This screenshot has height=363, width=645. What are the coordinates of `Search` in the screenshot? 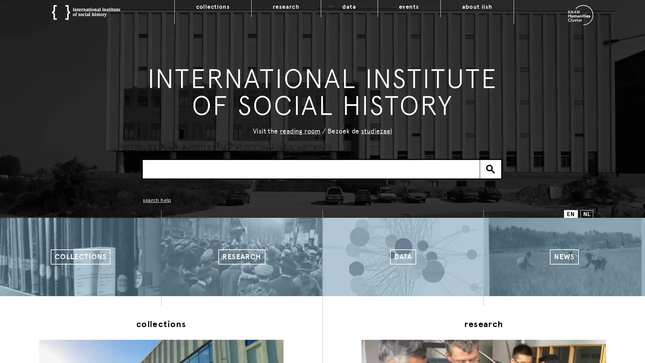 It's located at (490, 168).